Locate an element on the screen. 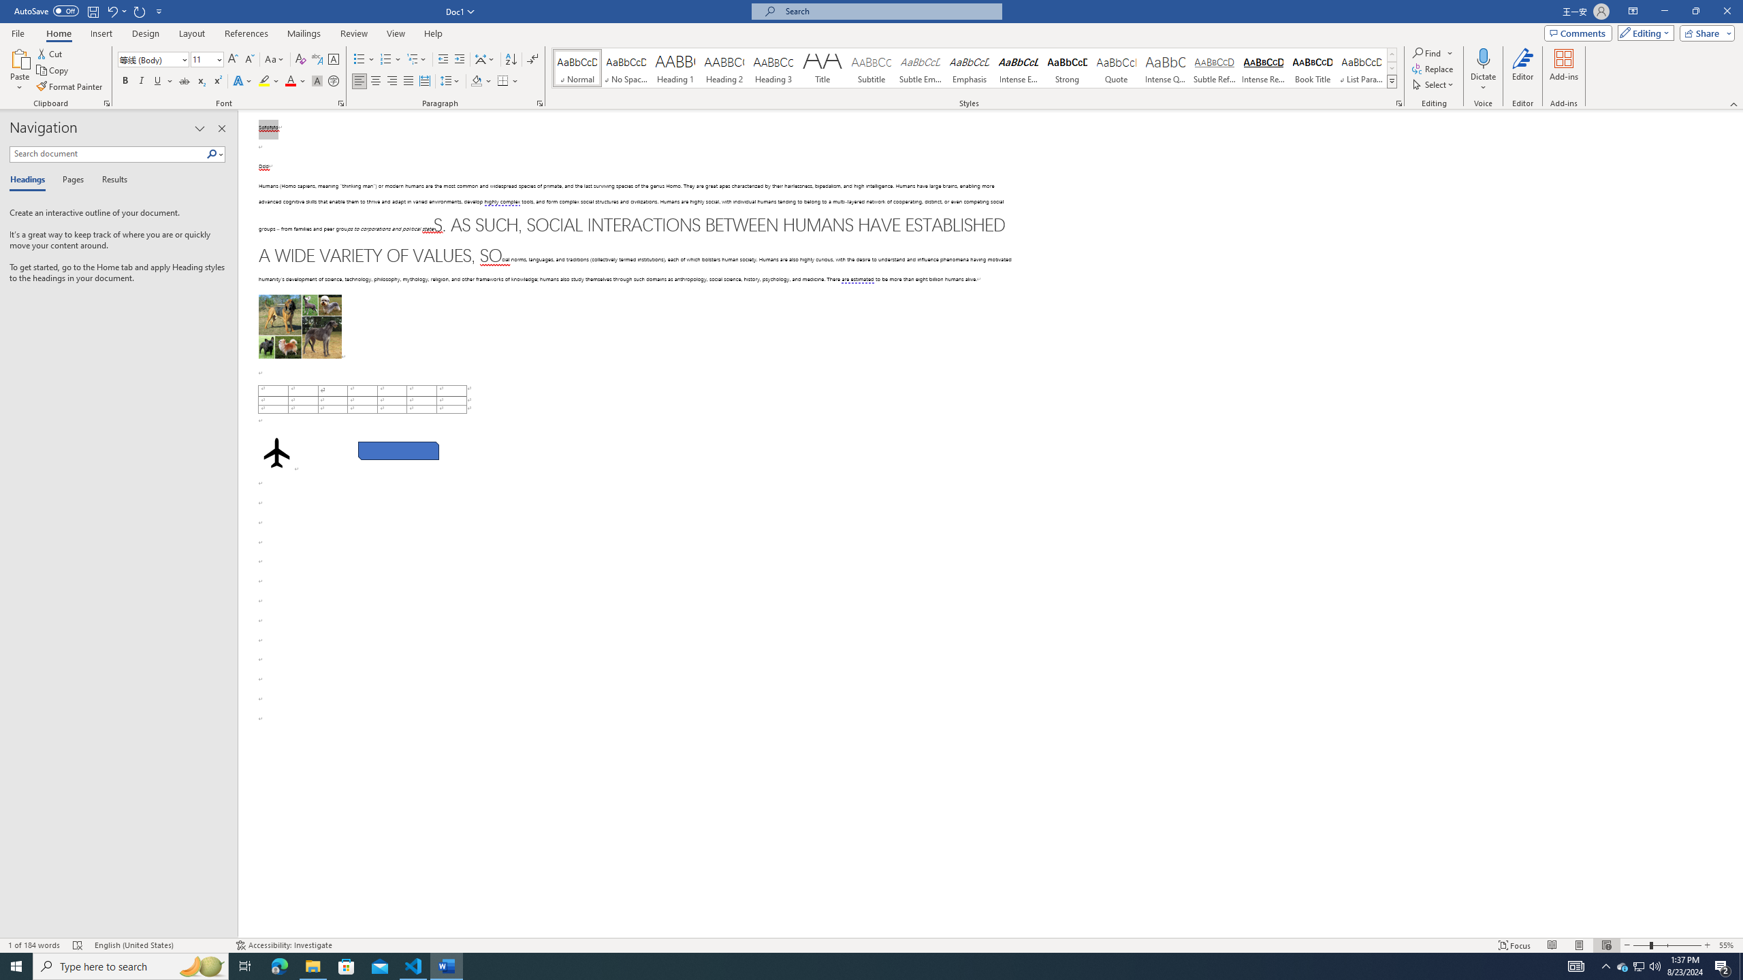  'Copy' is located at coordinates (53, 70).